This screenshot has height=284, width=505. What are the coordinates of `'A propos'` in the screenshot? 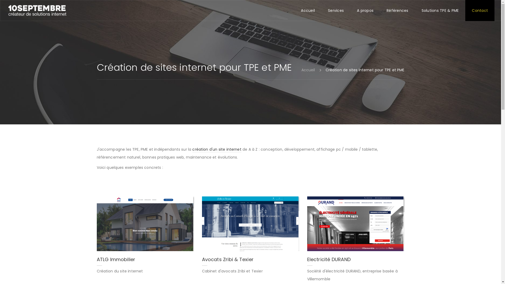 It's located at (365, 10).